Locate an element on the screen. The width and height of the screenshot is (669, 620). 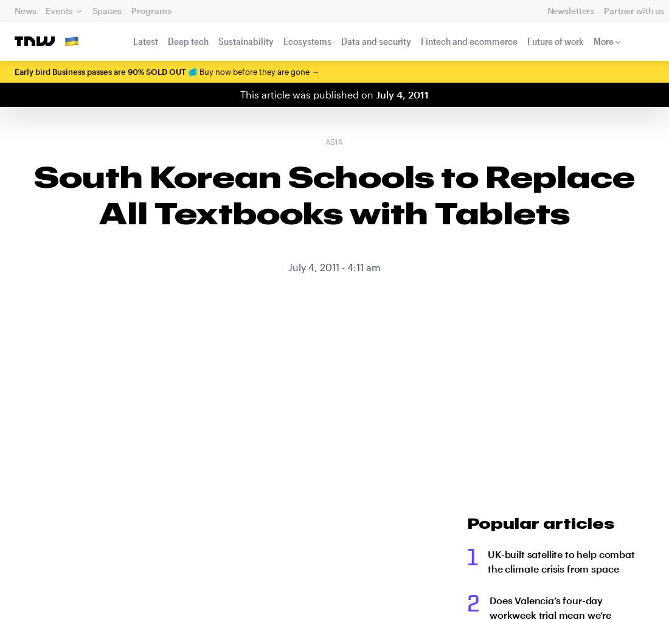
'Asia' is located at coordinates (334, 143).